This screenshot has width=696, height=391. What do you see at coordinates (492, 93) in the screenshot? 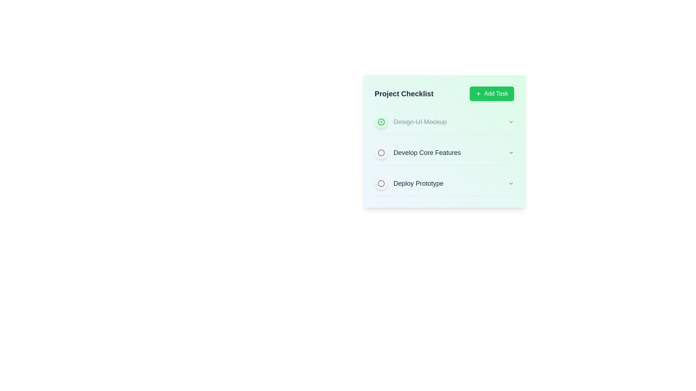
I see `'Add Task' button to add a new task` at bounding box center [492, 93].